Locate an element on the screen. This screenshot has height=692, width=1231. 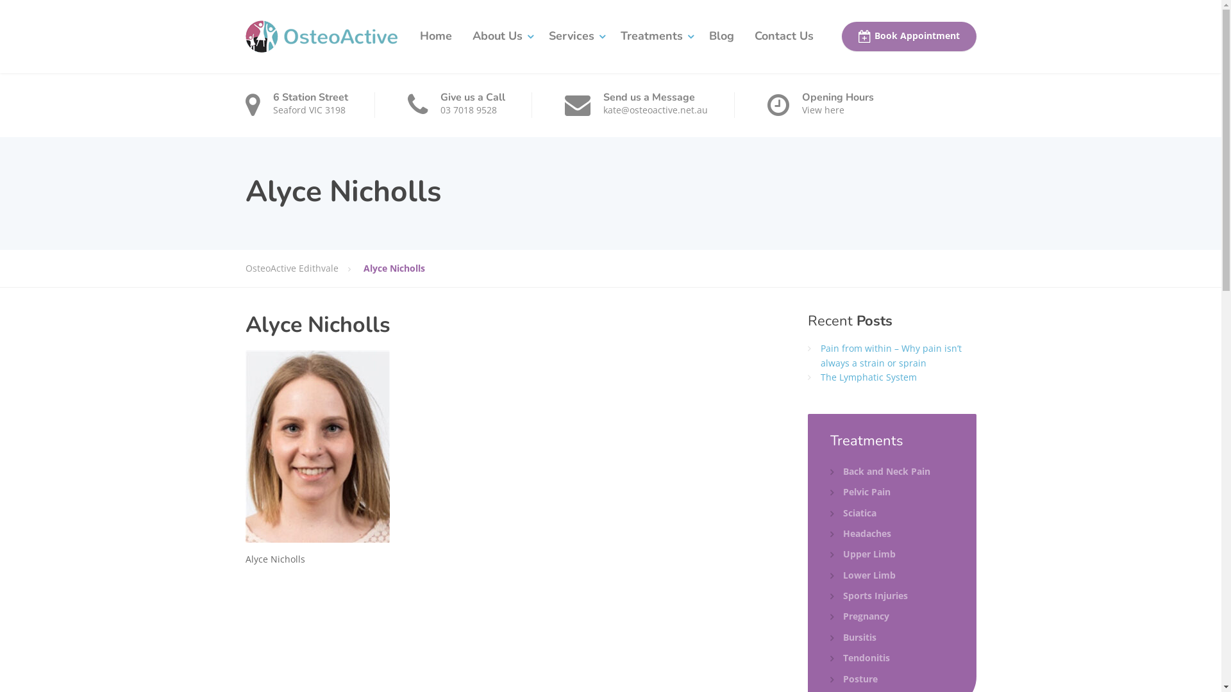
'Tendonitis' is located at coordinates (860, 657).